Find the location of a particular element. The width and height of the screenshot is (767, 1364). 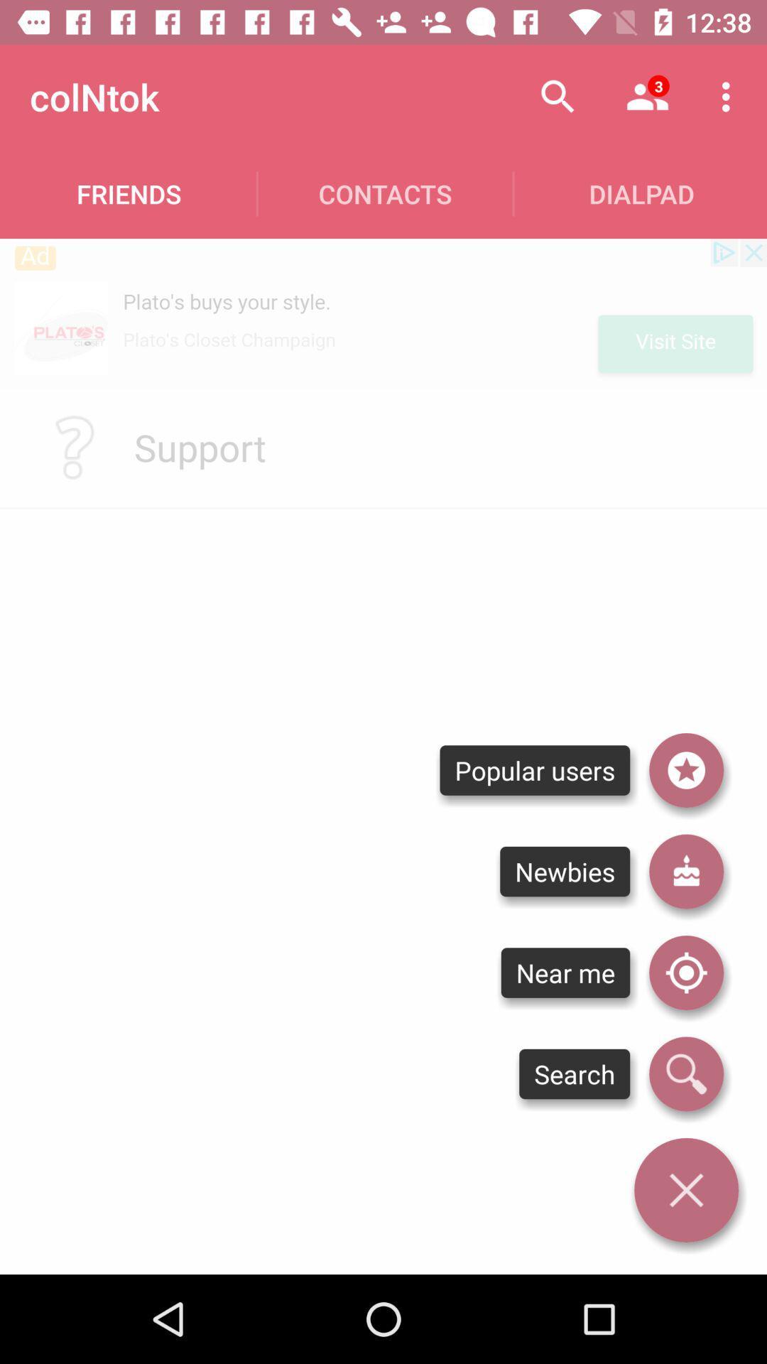

support item is located at coordinates (200, 446).